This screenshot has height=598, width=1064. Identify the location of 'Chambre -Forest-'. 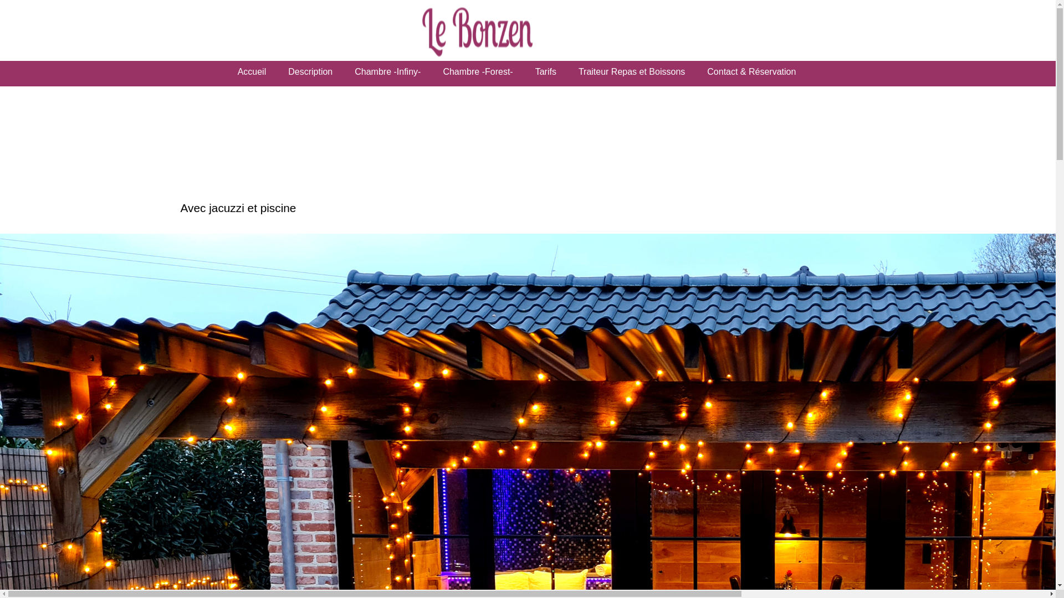
(478, 72).